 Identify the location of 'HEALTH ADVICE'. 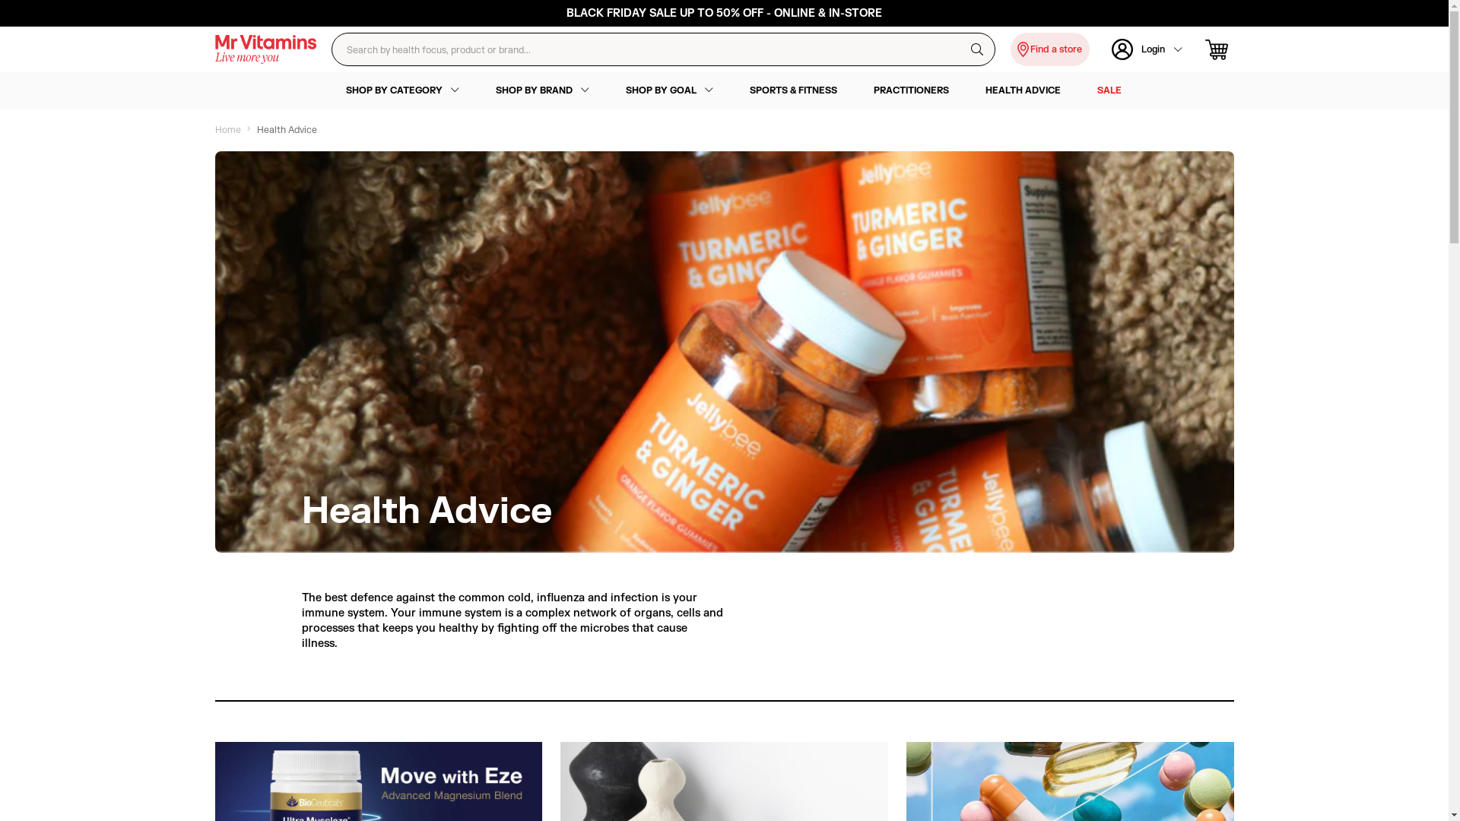
(1023, 90).